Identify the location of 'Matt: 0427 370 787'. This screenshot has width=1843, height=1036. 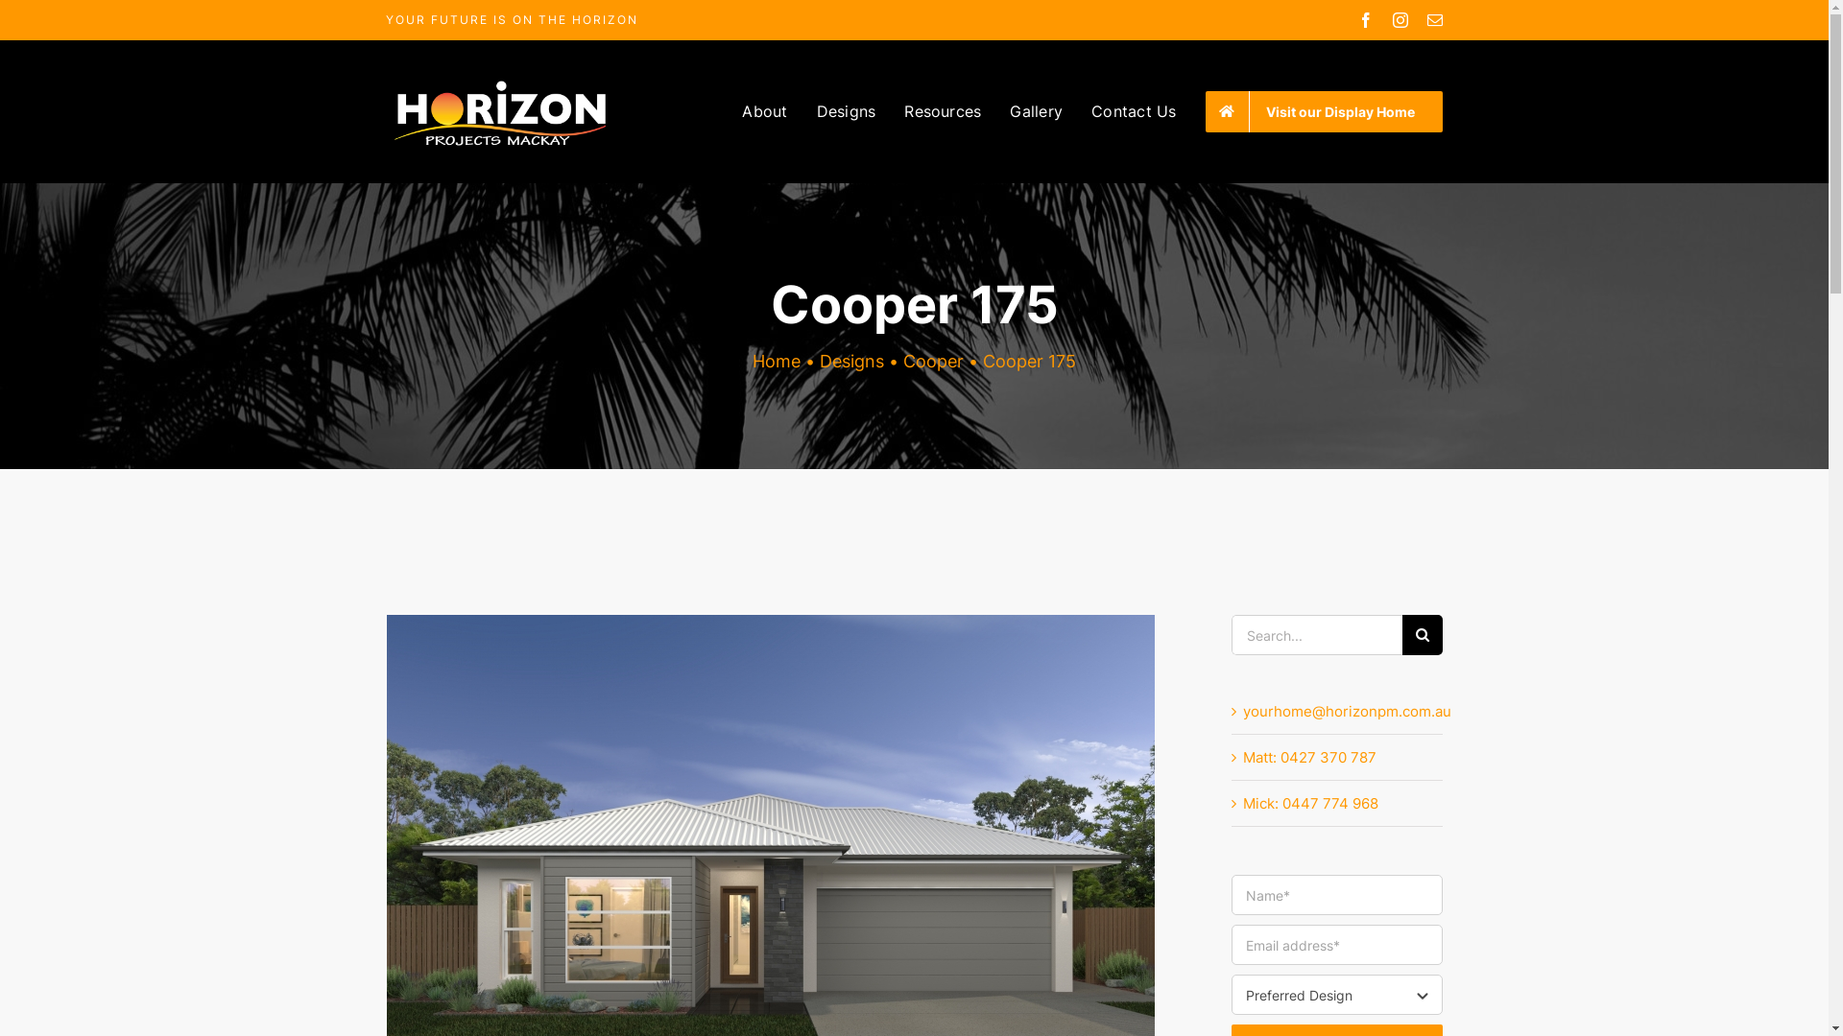
(1242, 756).